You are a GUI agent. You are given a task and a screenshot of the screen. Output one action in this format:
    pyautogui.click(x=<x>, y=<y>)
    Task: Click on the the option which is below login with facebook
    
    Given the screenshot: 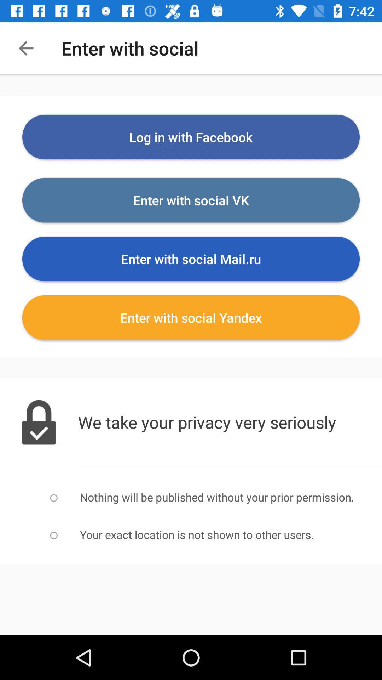 What is the action you would take?
    pyautogui.click(x=191, y=200)
    